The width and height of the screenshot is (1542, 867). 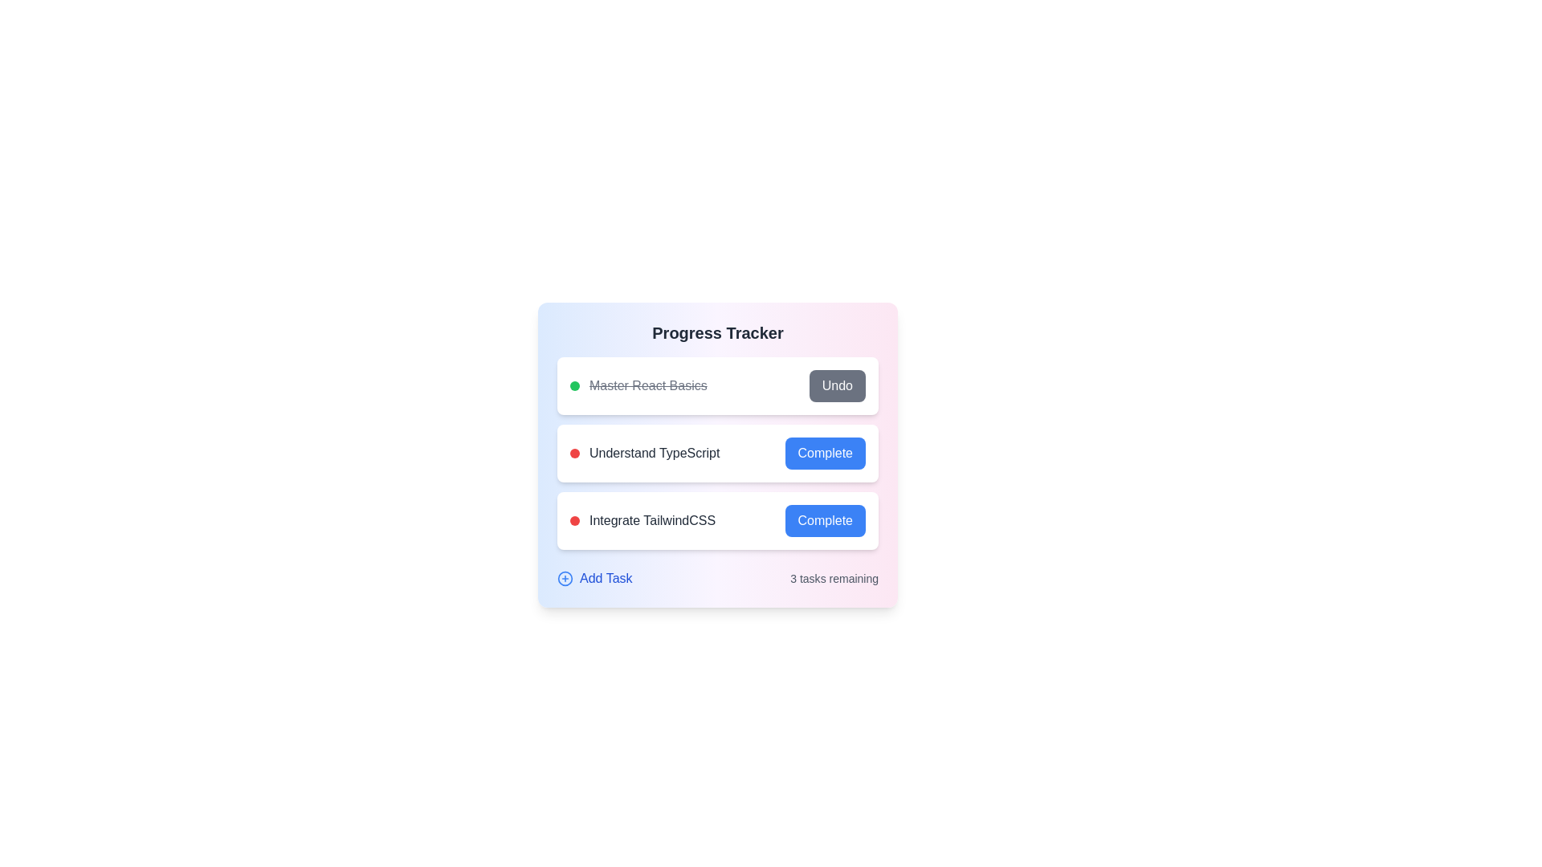 I want to click on the button that marks the task 'Integrate TailwindCSS' as complete, located in the third task section of the progress tracker, so click(x=825, y=520).